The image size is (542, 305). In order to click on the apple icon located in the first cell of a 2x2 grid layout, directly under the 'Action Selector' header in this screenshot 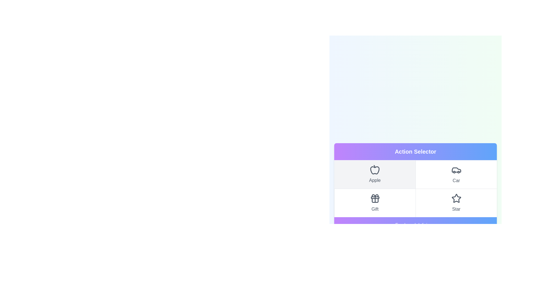, I will do `click(375, 170)`.